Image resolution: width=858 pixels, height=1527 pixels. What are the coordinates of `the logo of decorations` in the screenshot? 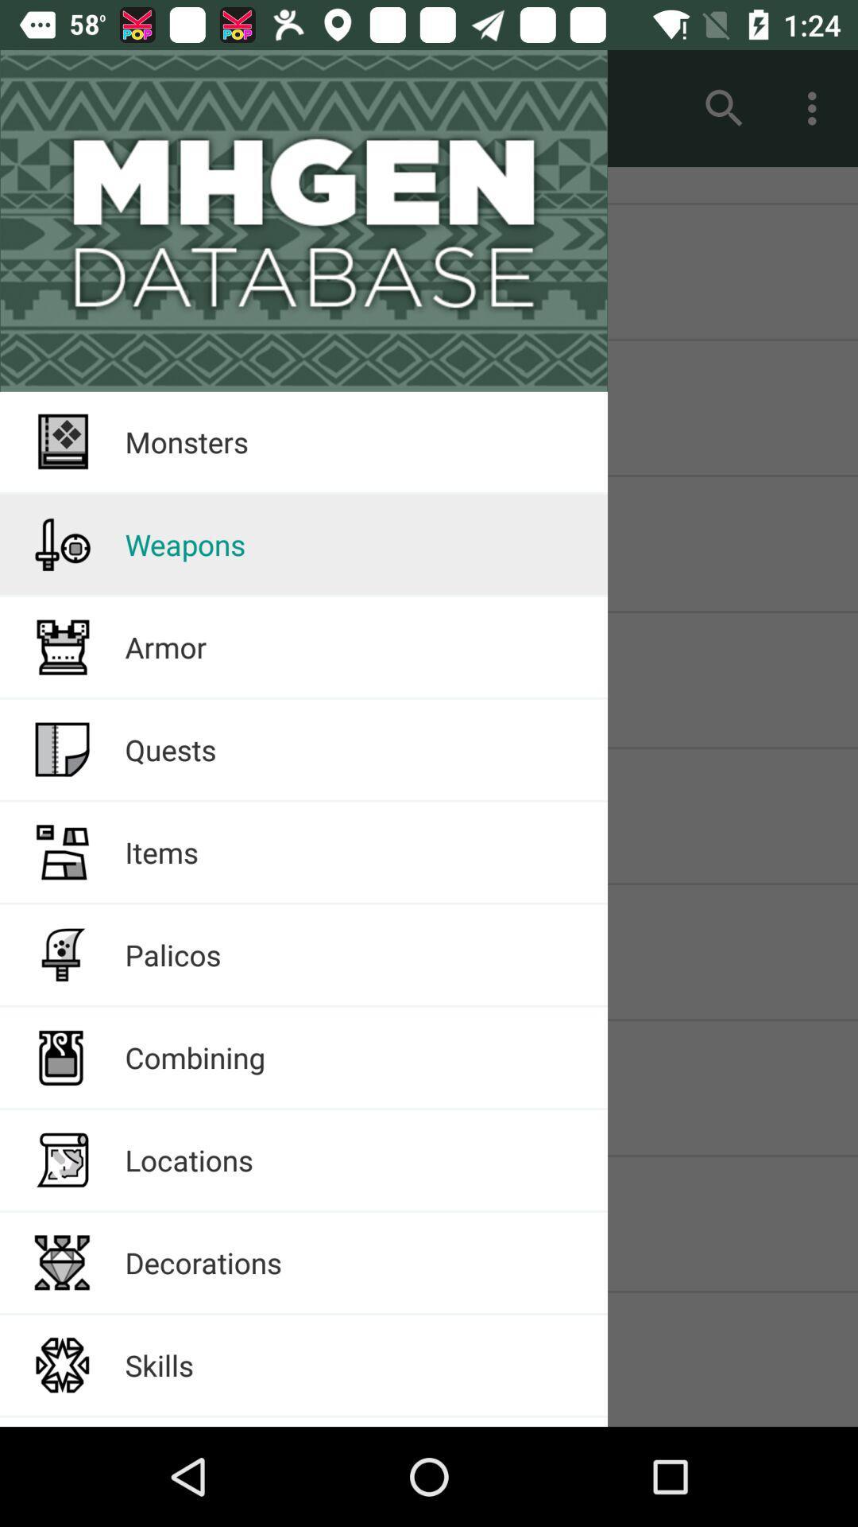 It's located at (61, 1262).